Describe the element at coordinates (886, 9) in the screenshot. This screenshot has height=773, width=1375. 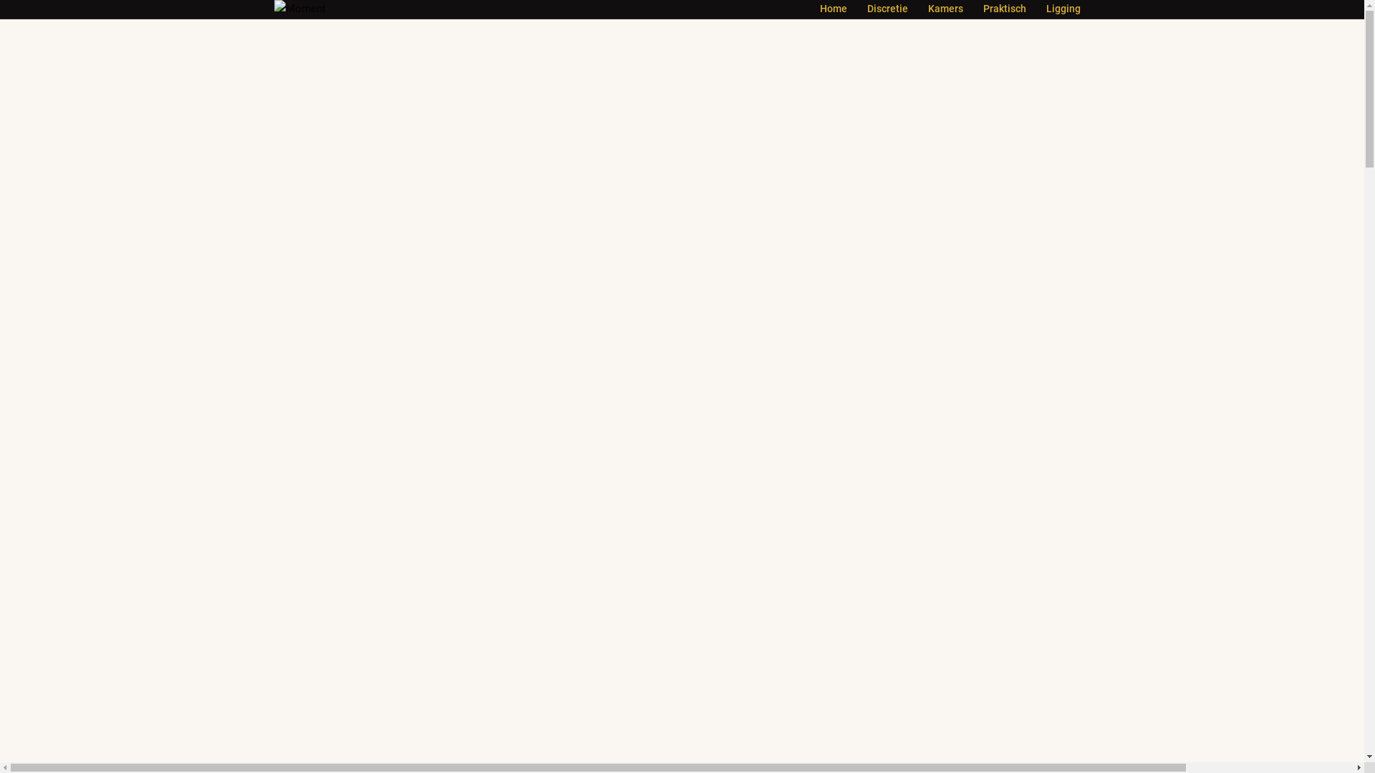
I see `'Discretie'` at that location.